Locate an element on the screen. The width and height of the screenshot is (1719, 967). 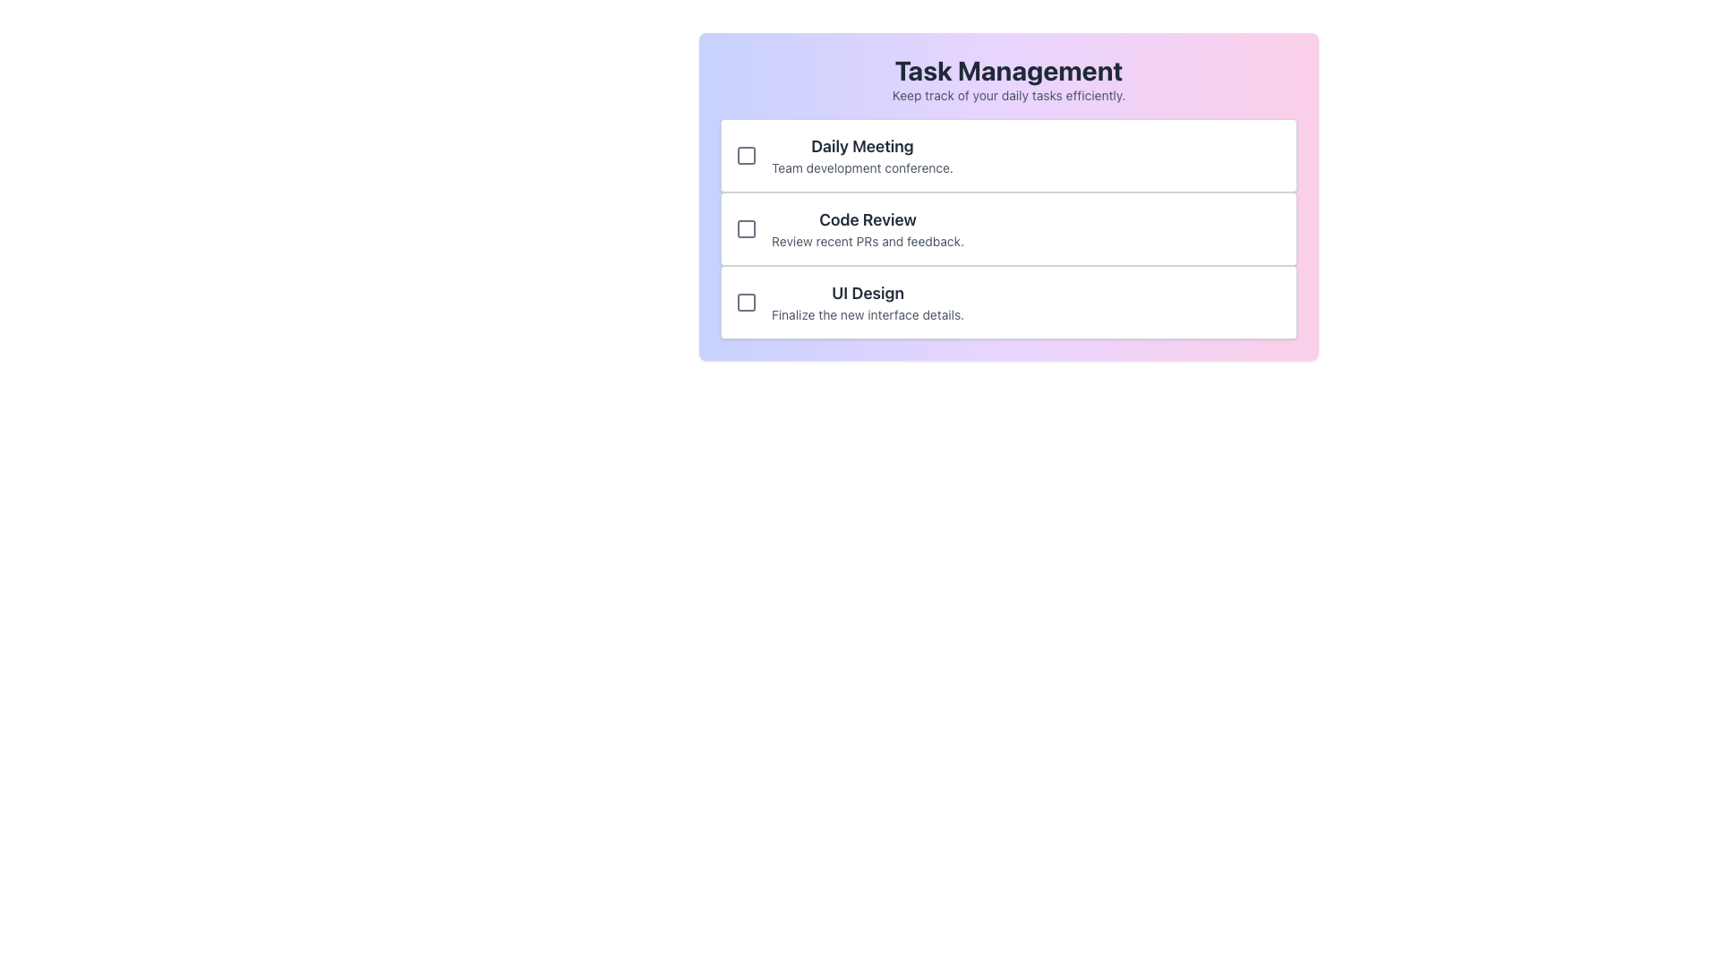
the small square SVG icon with rounded corners, located to the left of the 'Daily Meeting' text in the task management interface is located at coordinates (747, 154).